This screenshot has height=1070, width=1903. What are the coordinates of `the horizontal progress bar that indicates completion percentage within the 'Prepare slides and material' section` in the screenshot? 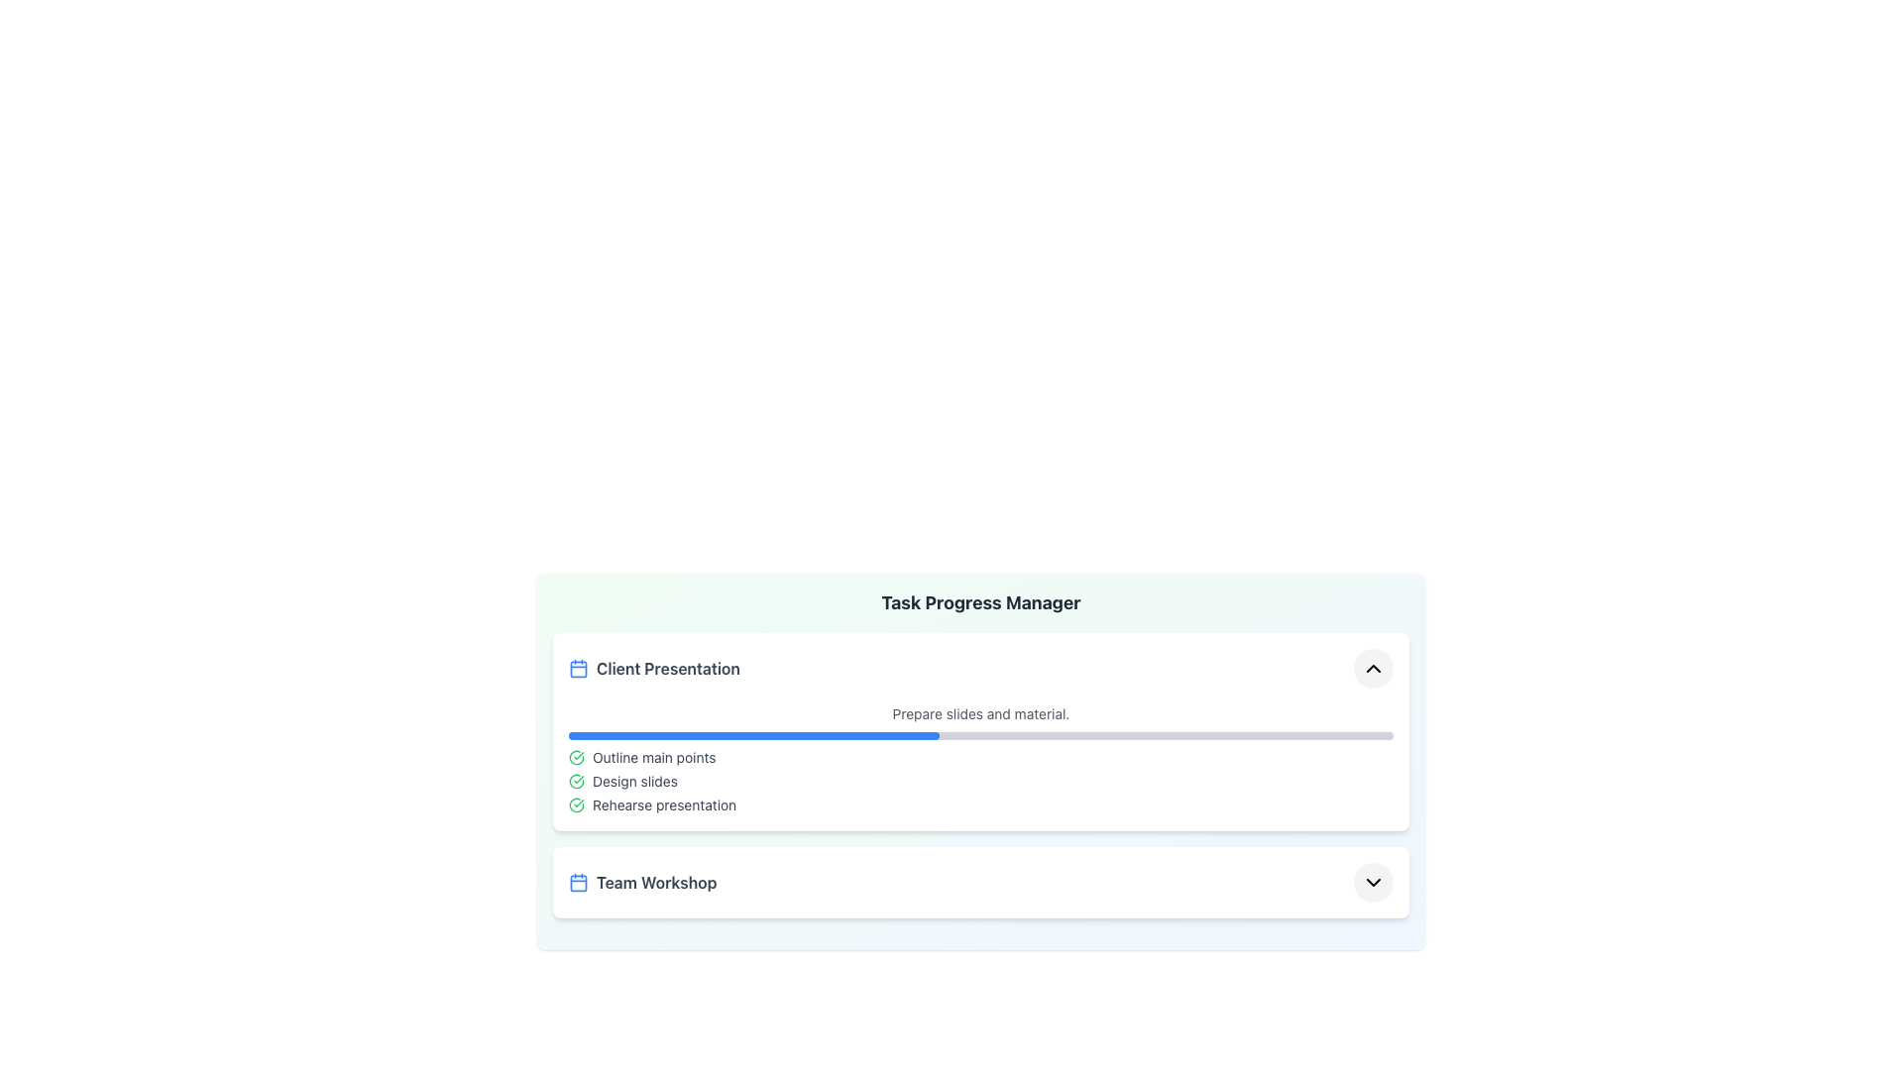 It's located at (980, 736).